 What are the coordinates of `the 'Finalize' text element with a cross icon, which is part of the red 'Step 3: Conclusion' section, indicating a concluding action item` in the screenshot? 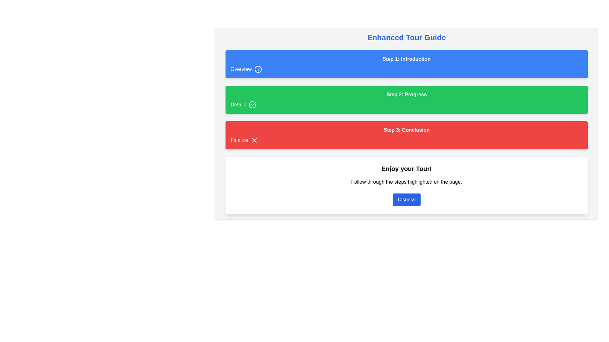 It's located at (406, 140).